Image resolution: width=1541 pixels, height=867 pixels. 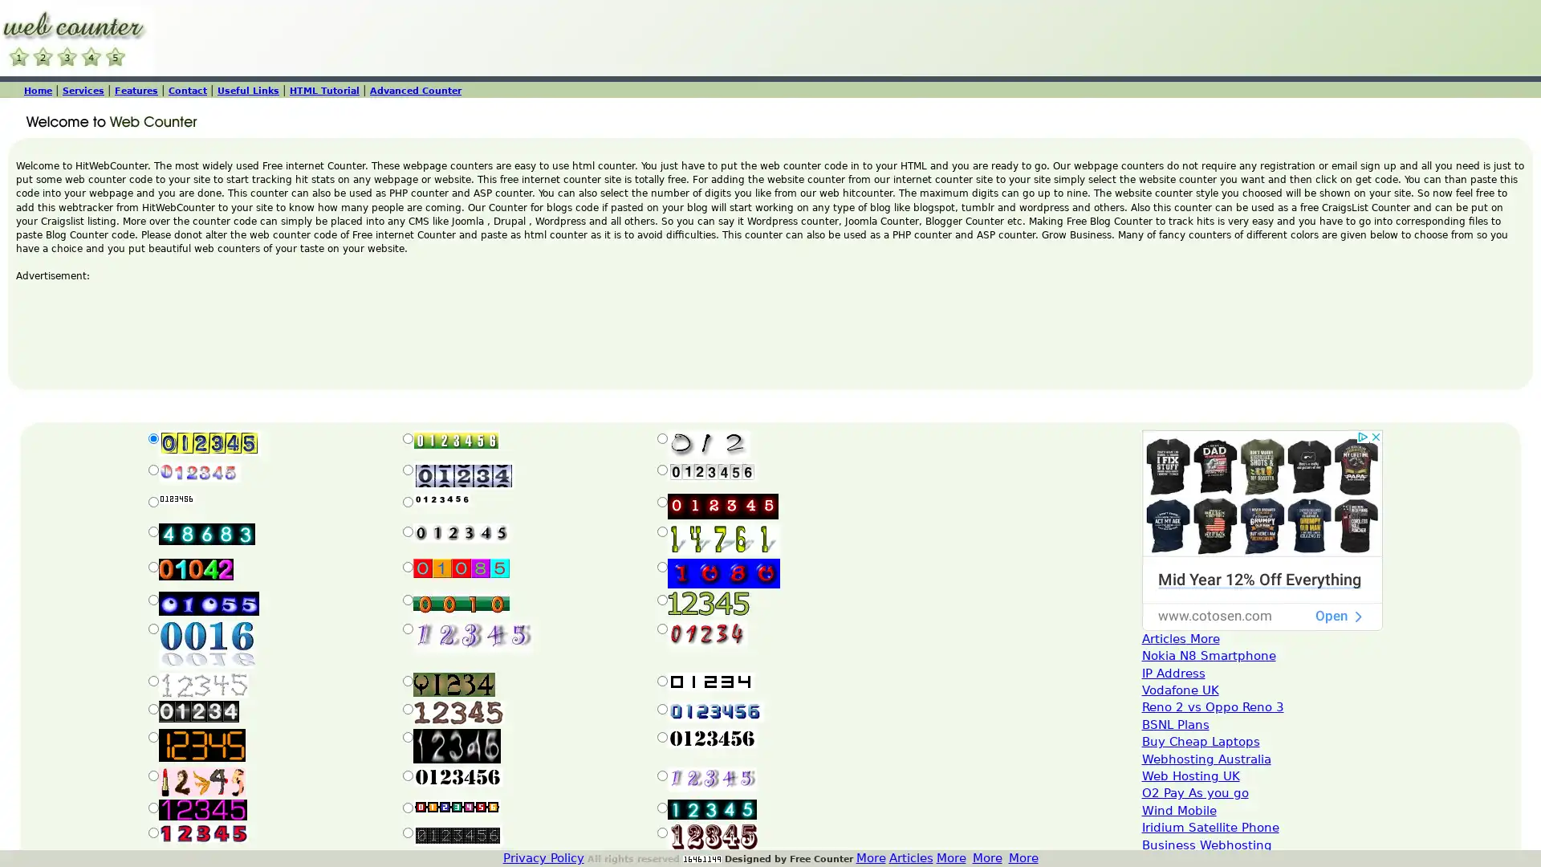 I want to click on Submit, so click(x=198, y=710).